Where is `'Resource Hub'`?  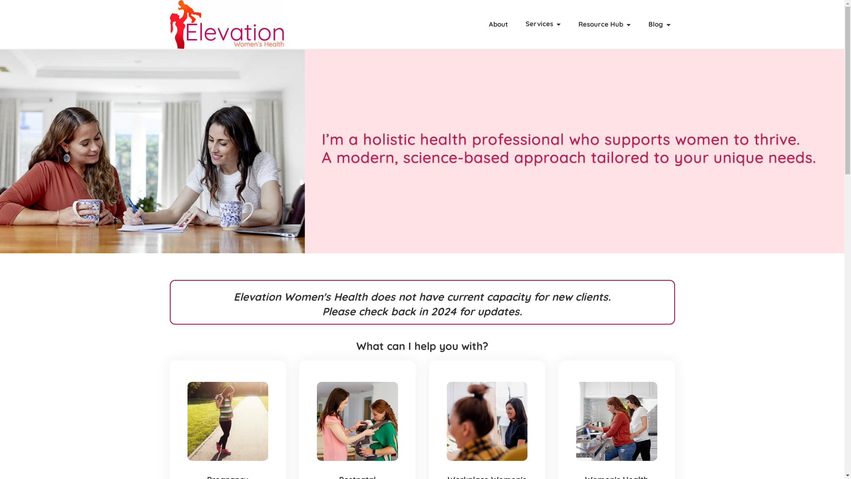
'Resource Hub' is located at coordinates (604, 24).